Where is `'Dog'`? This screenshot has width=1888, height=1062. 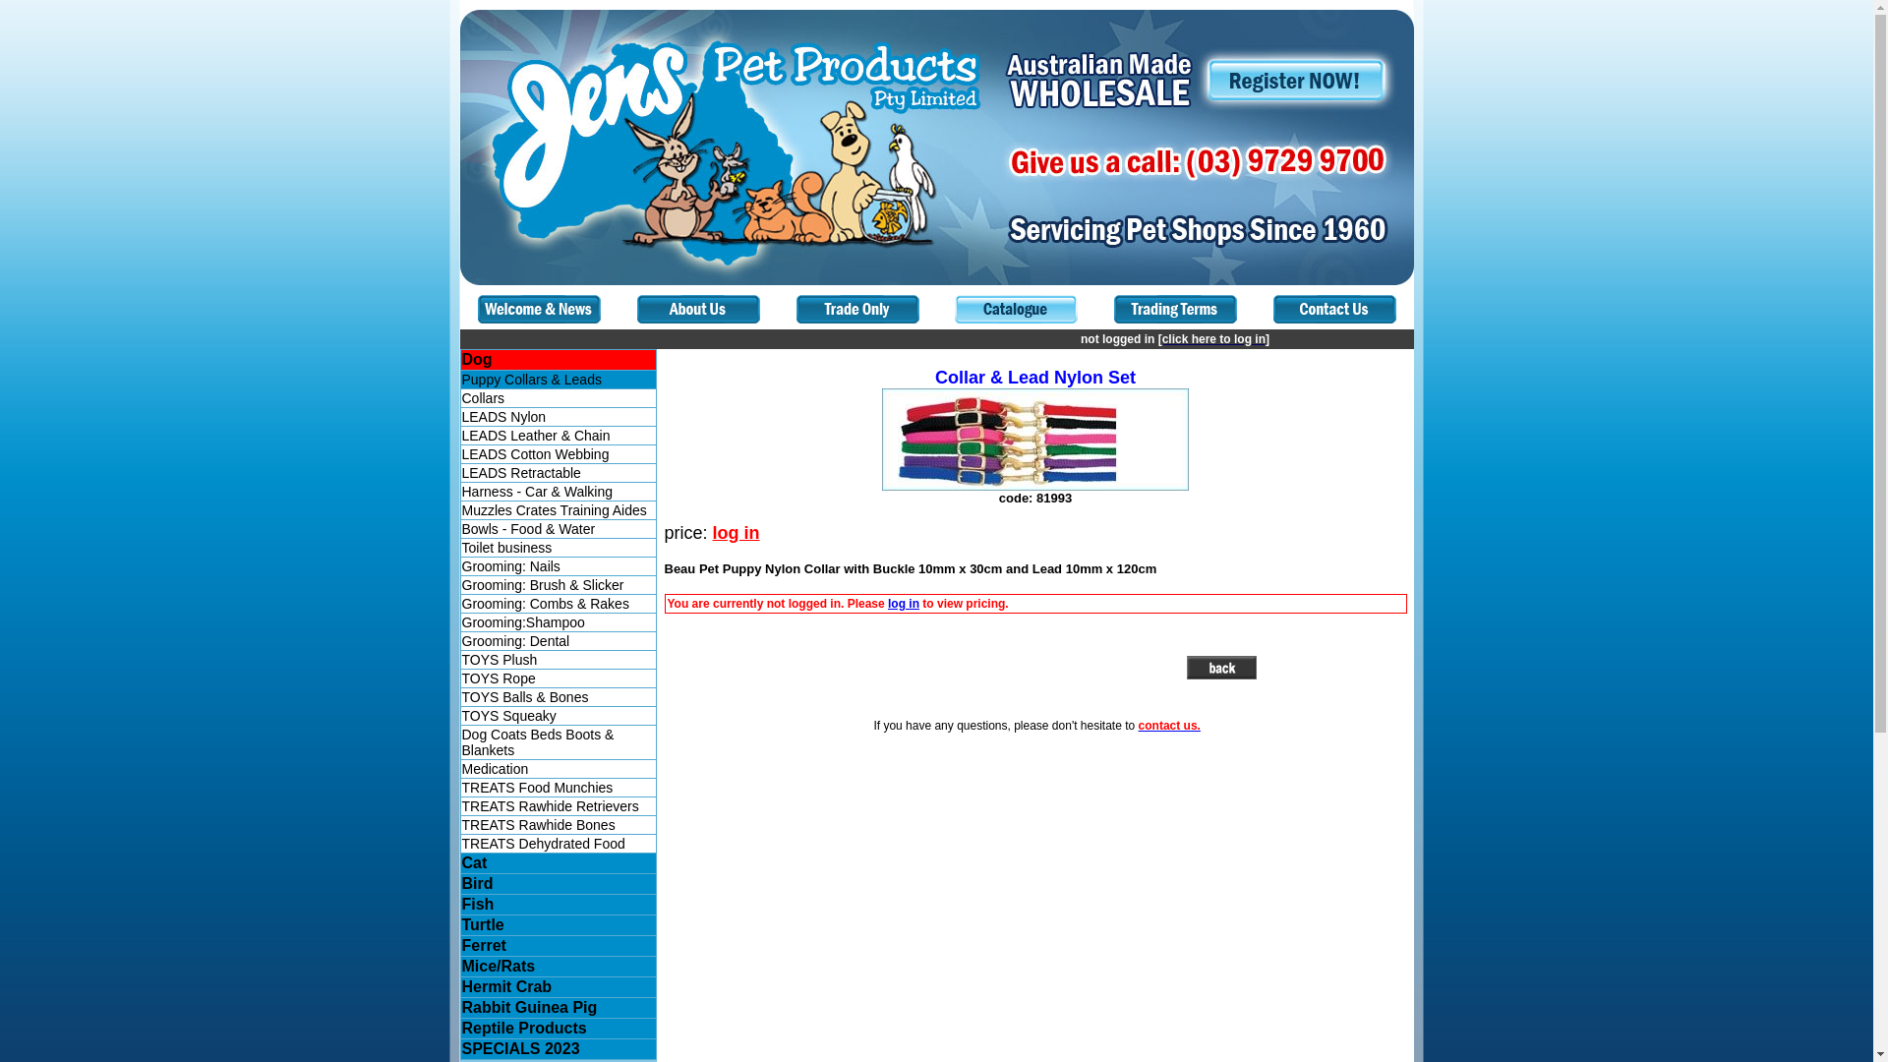
'Dog' is located at coordinates (461, 359).